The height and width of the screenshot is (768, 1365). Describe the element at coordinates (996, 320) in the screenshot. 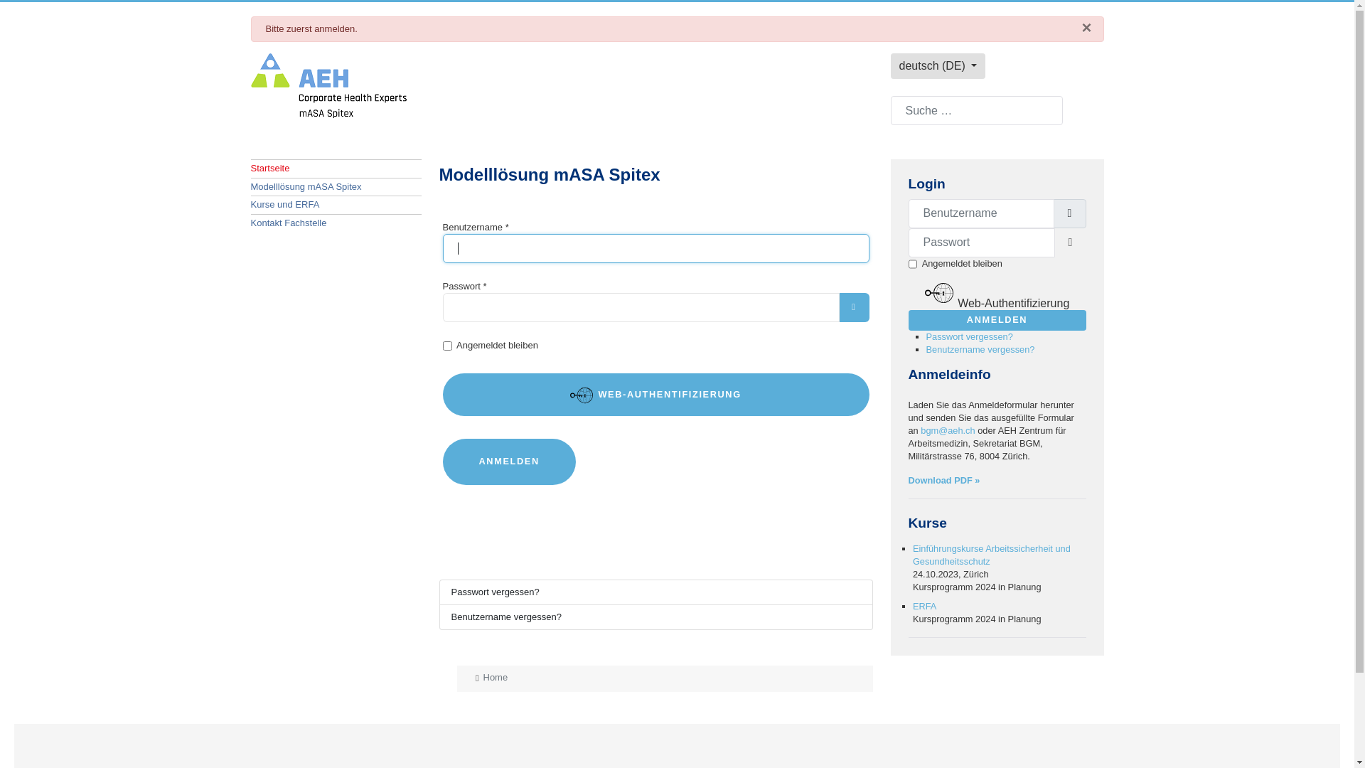

I see `'ANMELDEN'` at that location.